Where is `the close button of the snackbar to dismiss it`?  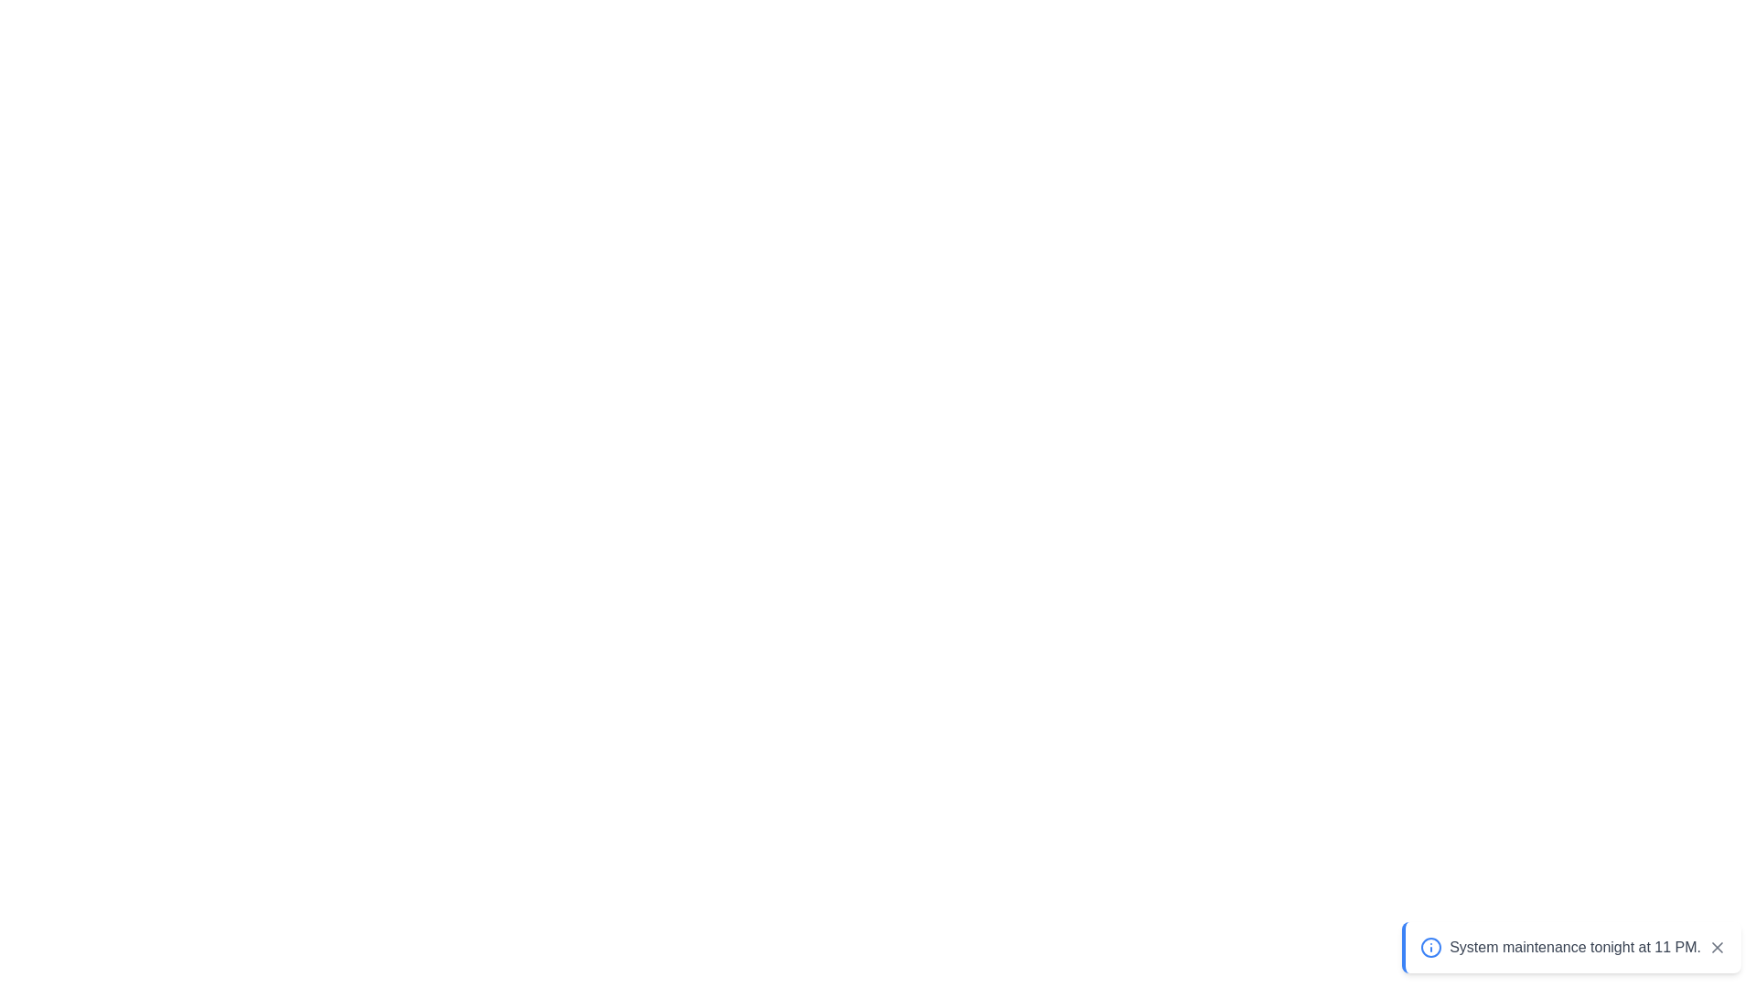
the close button of the snackbar to dismiss it is located at coordinates (1716, 947).